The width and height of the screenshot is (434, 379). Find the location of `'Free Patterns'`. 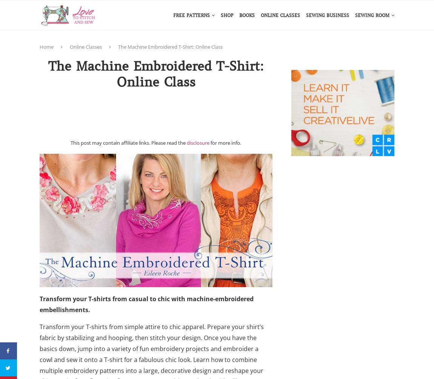

'Free Patterns' is located at coordinates (191, 15).